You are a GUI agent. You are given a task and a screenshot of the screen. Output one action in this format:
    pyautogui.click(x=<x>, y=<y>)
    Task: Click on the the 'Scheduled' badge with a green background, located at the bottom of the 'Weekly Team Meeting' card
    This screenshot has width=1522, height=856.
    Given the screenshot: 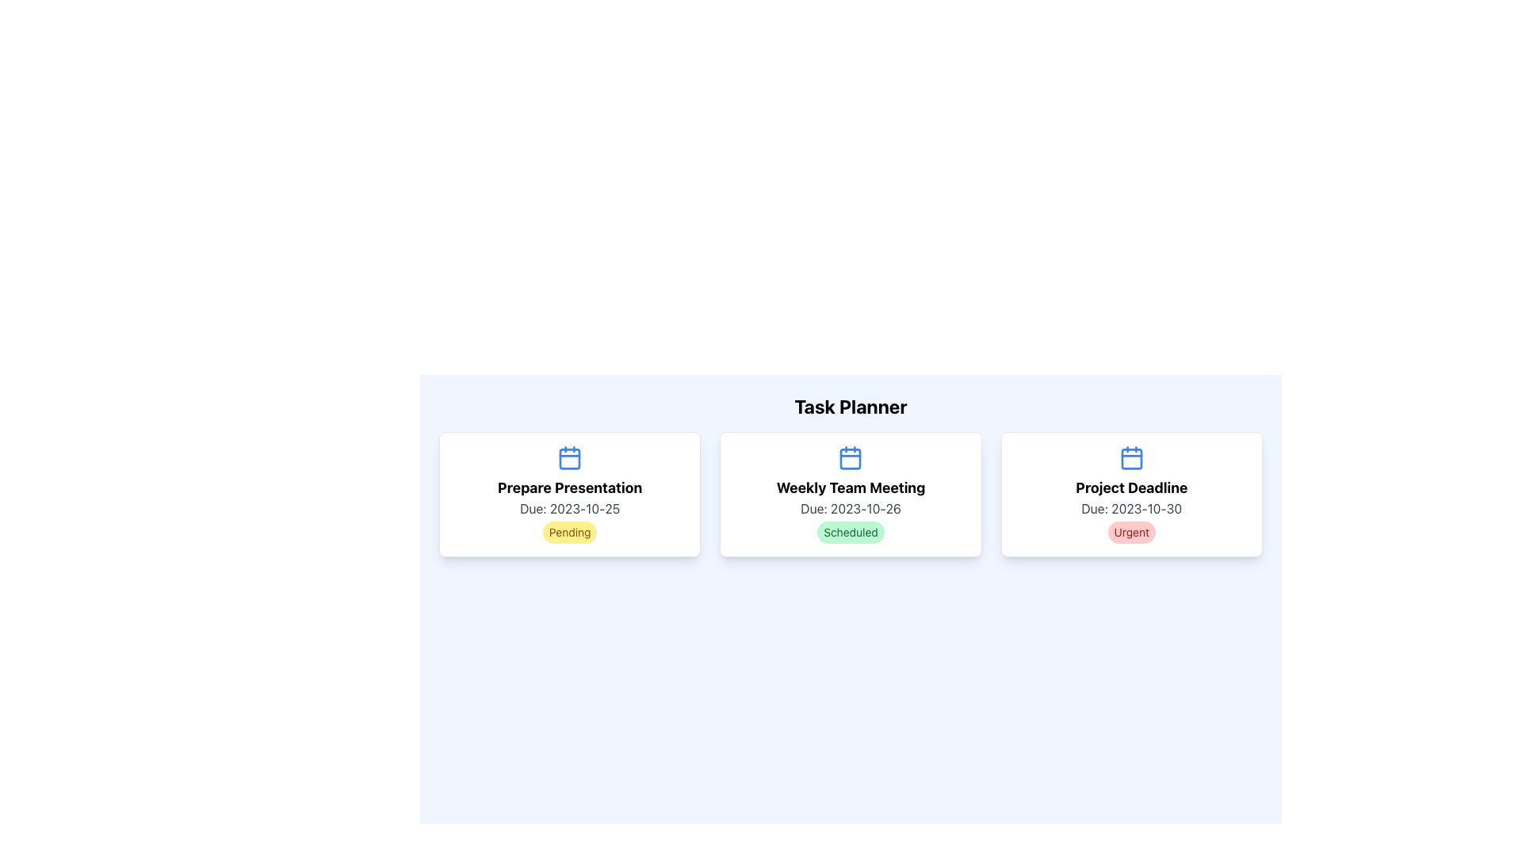 What is the action you would take?
    pyautogui.click(x=850, y=532)
    